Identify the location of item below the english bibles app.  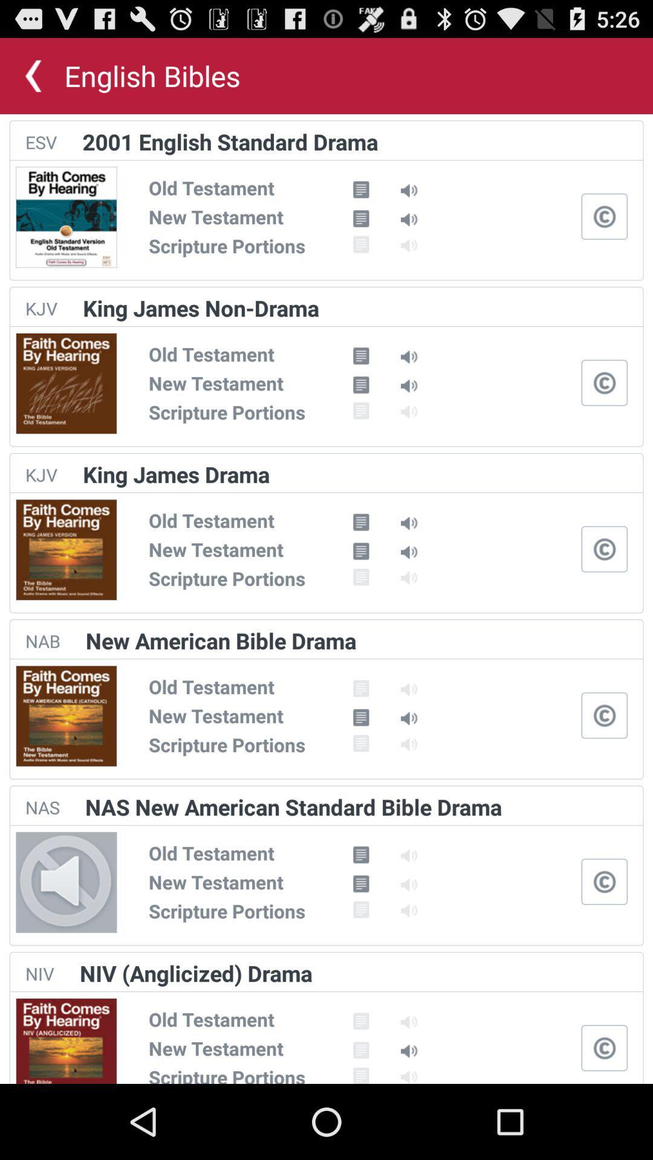
(230, 141).